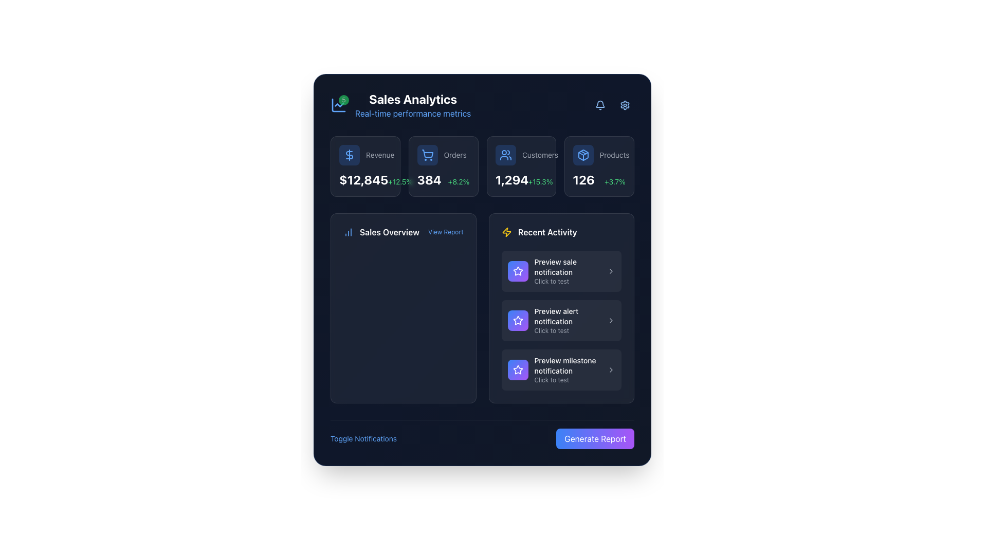 The width and height of the screenshot is (987, 555). What do you see at coordinates (611, 271) in the screenshot?
I see `the small right-facing chevron icon located on the far-right side of the 'Preview sale notification' entry in the 'Recent Activity' section` at bounding box center [611, 271].